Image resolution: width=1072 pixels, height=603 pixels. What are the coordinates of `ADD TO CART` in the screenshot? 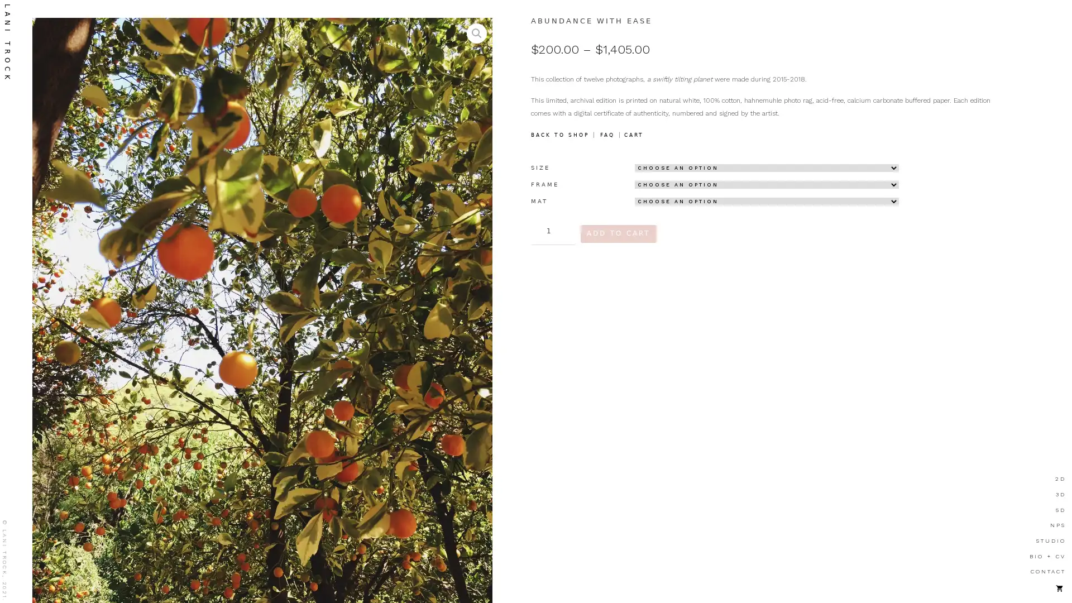 It's located at (618, 233).